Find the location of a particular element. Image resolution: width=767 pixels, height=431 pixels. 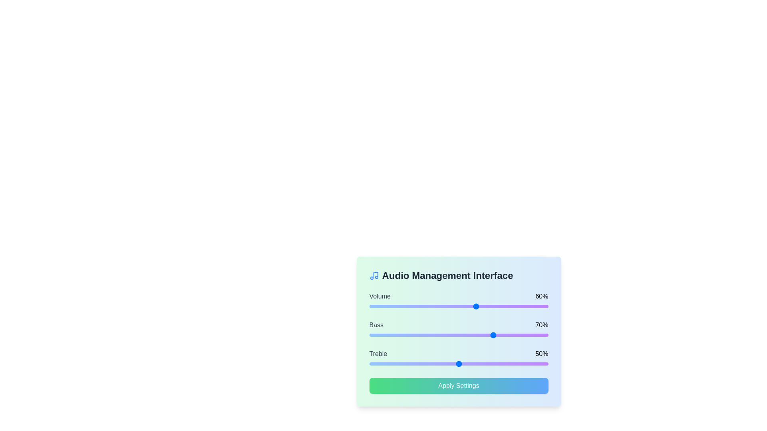

the treble level is located at coordinates (401, 364).